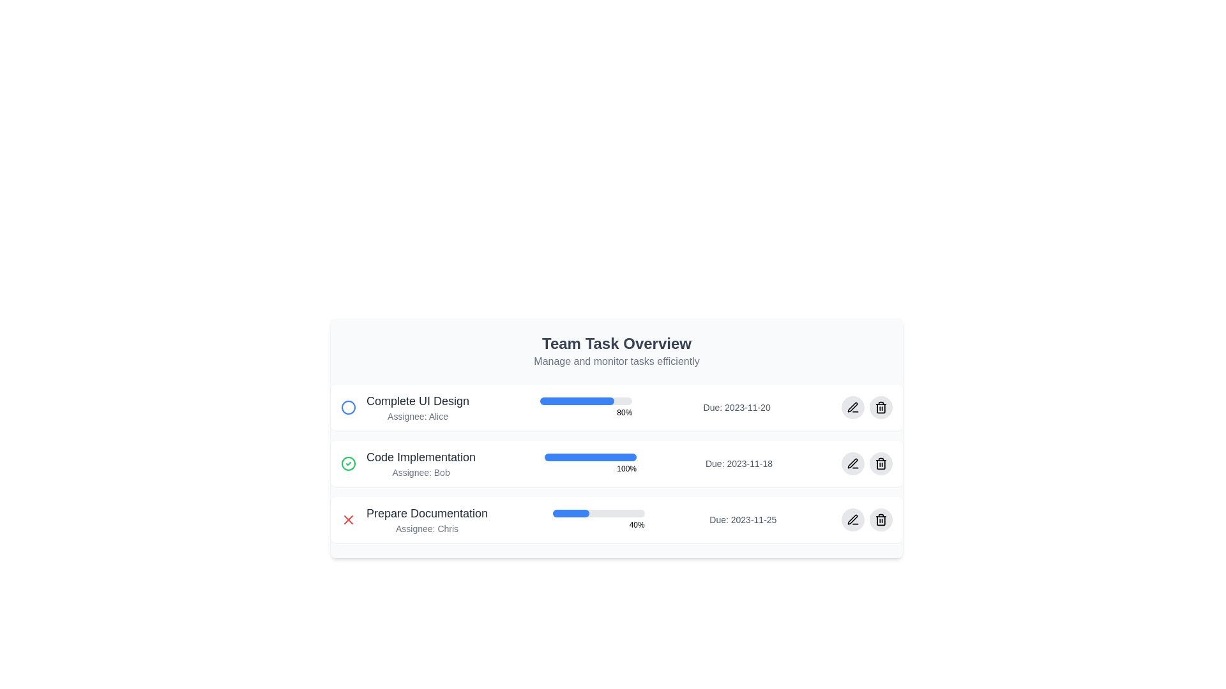 Image resolution: width=1226 pixels, height=689 pixels. Describe the element at coordinates (852, 408) in the screenshot. I see `the circular button with a light gray background and a black pen icon, located on the right side of the topmost task row, to trigger the hover style change` at that location.